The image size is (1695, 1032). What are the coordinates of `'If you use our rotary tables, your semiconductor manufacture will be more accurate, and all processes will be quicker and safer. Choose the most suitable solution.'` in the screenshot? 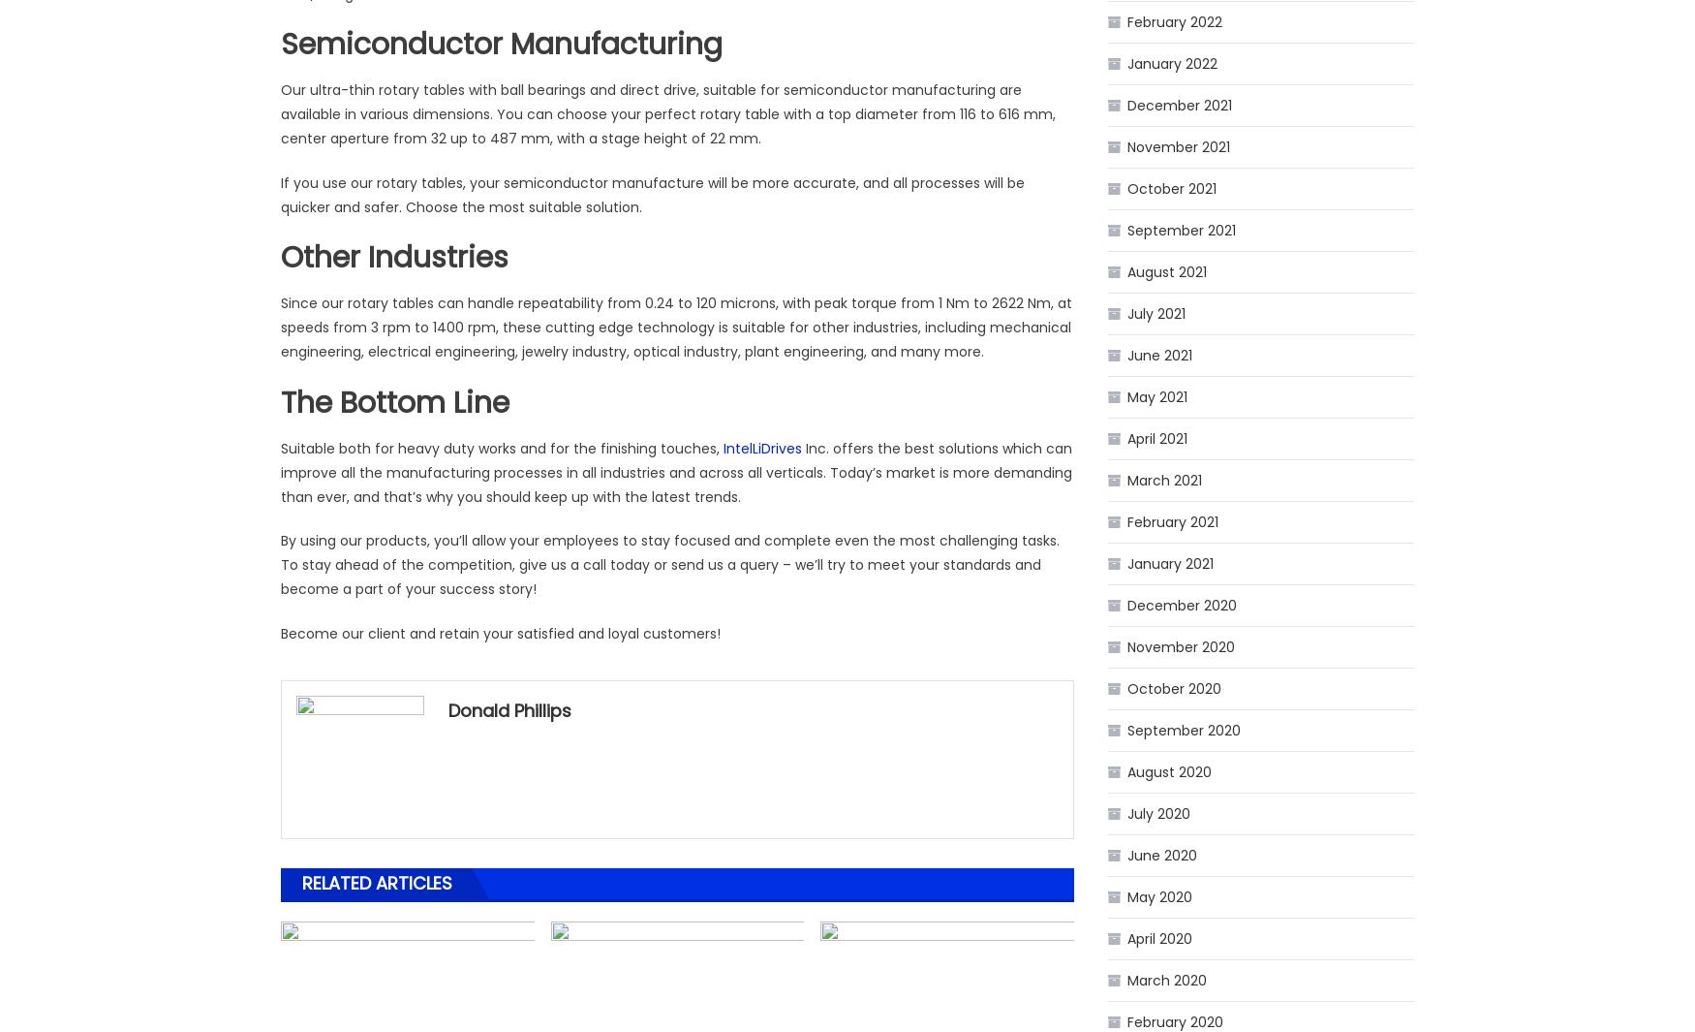 It's located at (651, 193).